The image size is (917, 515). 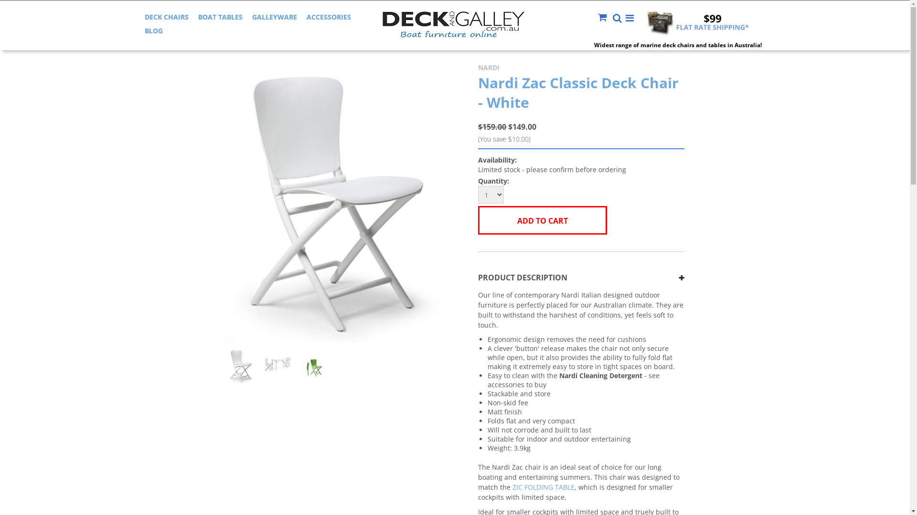 What do you see at coordinates (478, 220) in the screenshot?
I see `'Add To Cart'` at bounding box center [478, 220].